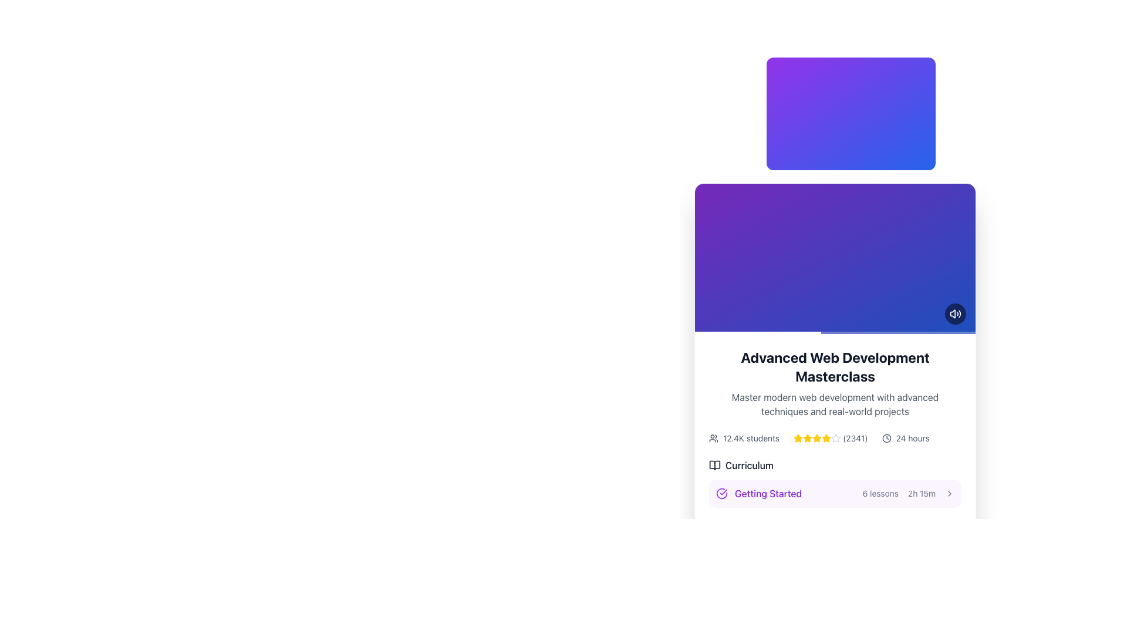 This screenshot has height=634, width=1127. What do you see at coordinates (955, 313) in the screenshot?
I see `the speaker icon with sound waves located at the bottom-right corner of the card component containing the course details, which is rendered in white on a dark circular background` at bounding box center [955, 313].